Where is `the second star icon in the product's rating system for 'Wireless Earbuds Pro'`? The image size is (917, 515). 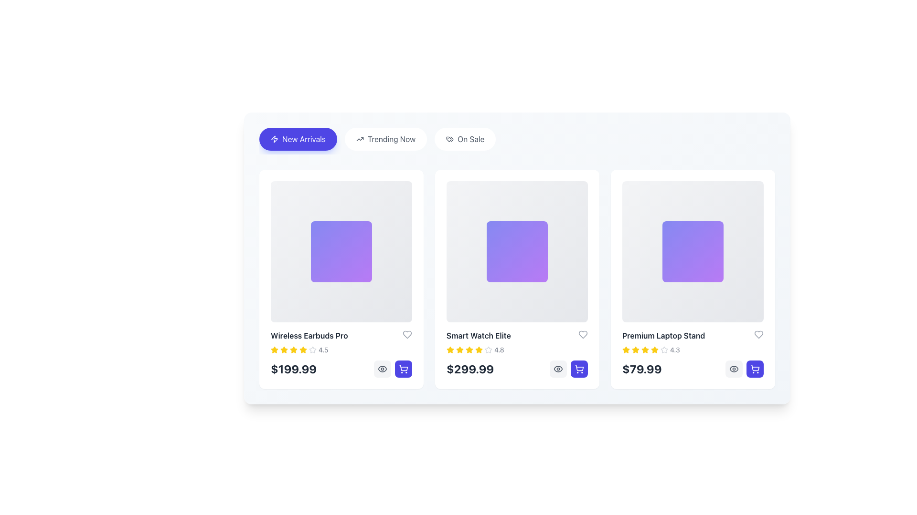 the second star icon in the product's rating system for 'Wireless Earbuds Pro' is located at coordinates (302, 350).